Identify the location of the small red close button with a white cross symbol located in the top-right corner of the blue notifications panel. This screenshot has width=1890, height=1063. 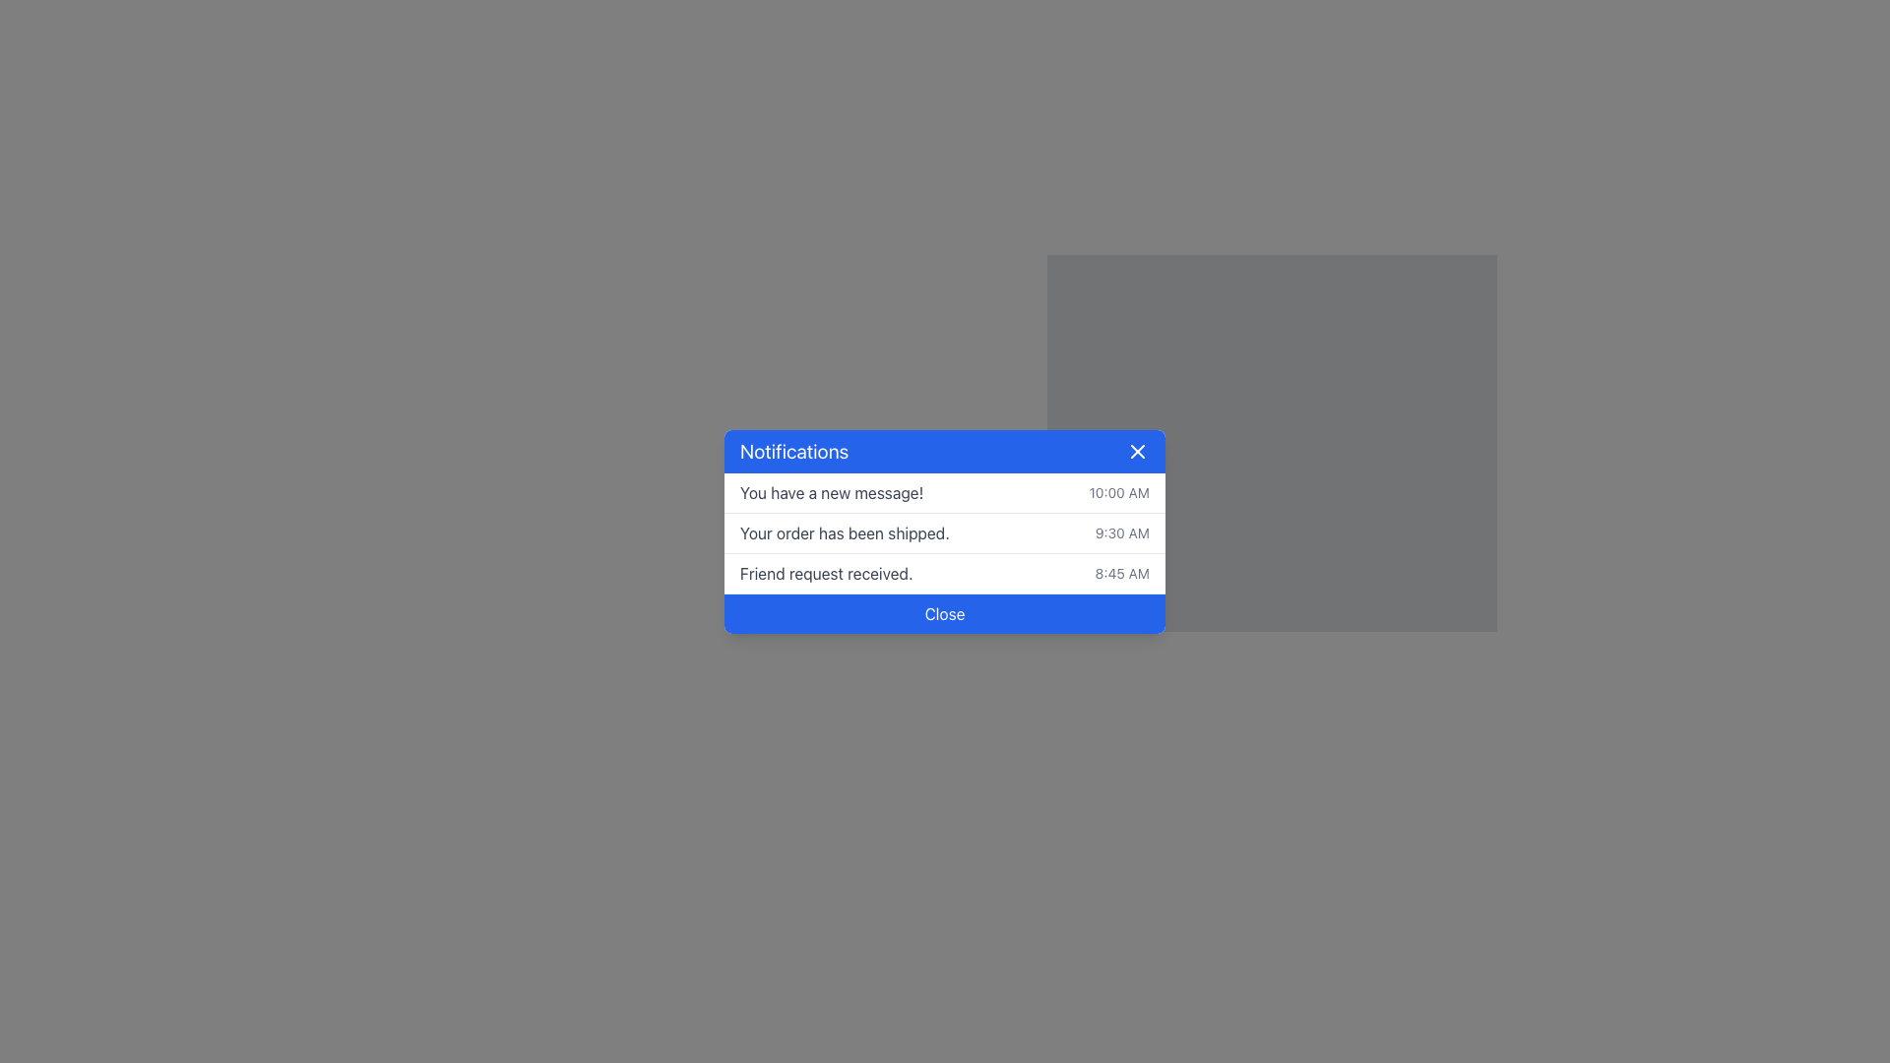
(1138, 451).